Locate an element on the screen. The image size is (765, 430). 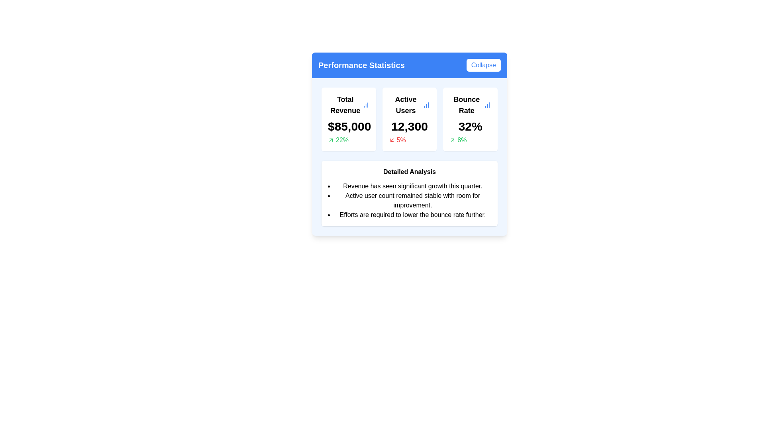
the element displaying the percentage change in the bounce rate, which is located in the third column of the 'Performance Statistics' card, underneath the 'Bounce Rate' title and '32%' value is located at coordinates (470, 139).